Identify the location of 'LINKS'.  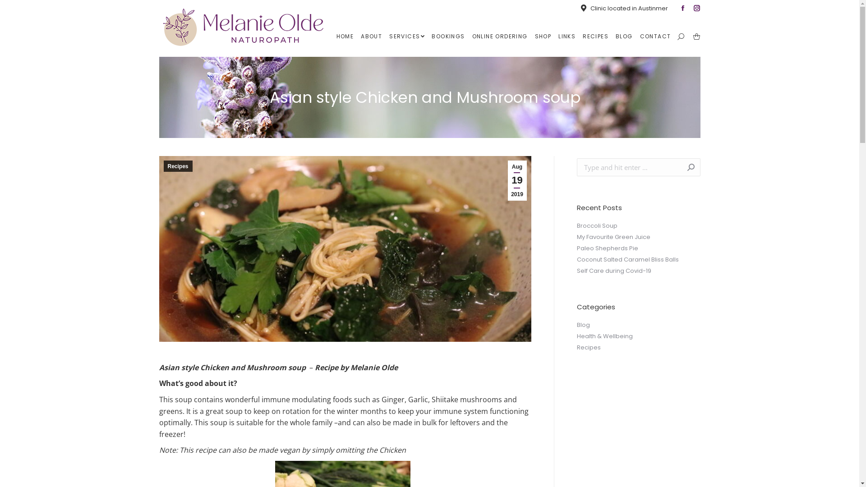
(556, 36).